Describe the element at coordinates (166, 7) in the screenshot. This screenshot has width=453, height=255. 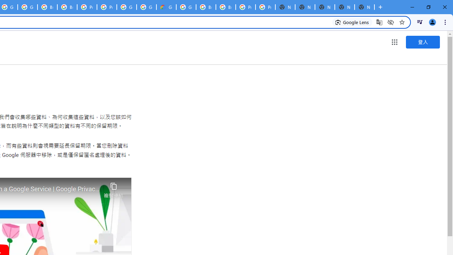
I see `'Google Cloud Estimate Summary'` at that location.